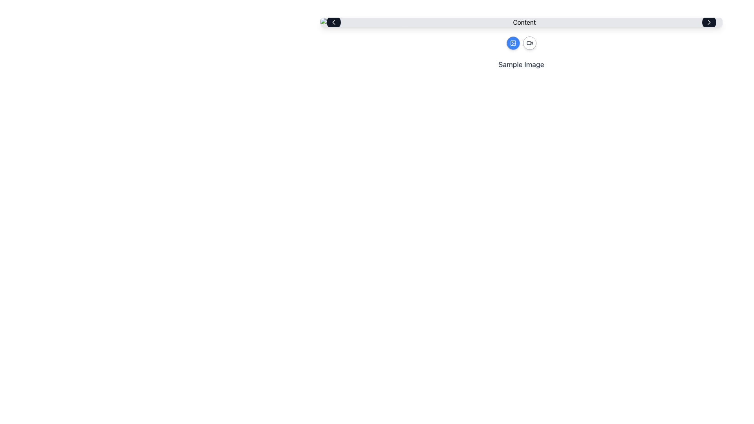 The image size is (754, 424). What do you see at coordinates (709, 22) in the screenshot?
I see `the circular button with a dark background and a white arrow icon pointing to the right` at bounding box center [709, 22].